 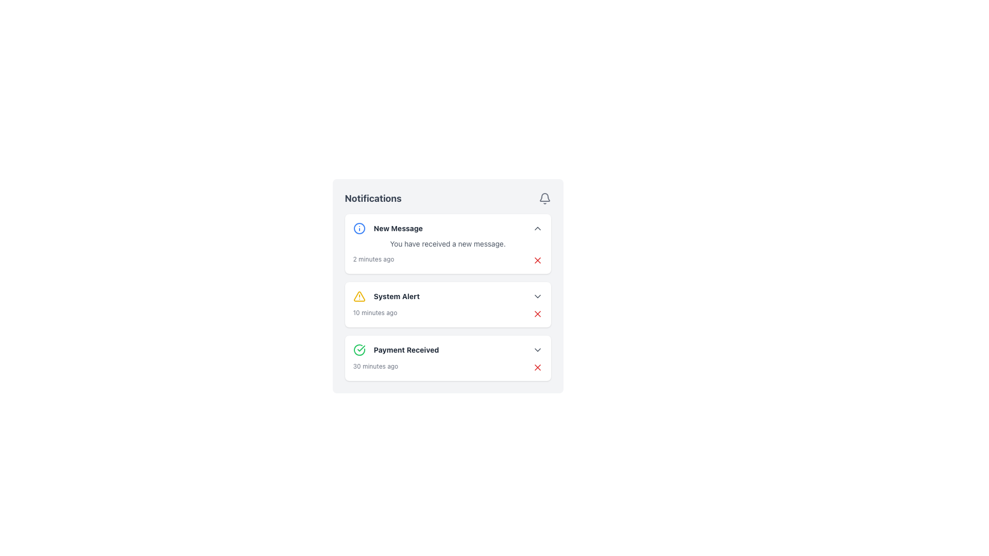 I want to click on the warning icon associated with the 'System Alert' notification to indicate urgency or a potential issue that needs attention, so click(x=359, y=296).